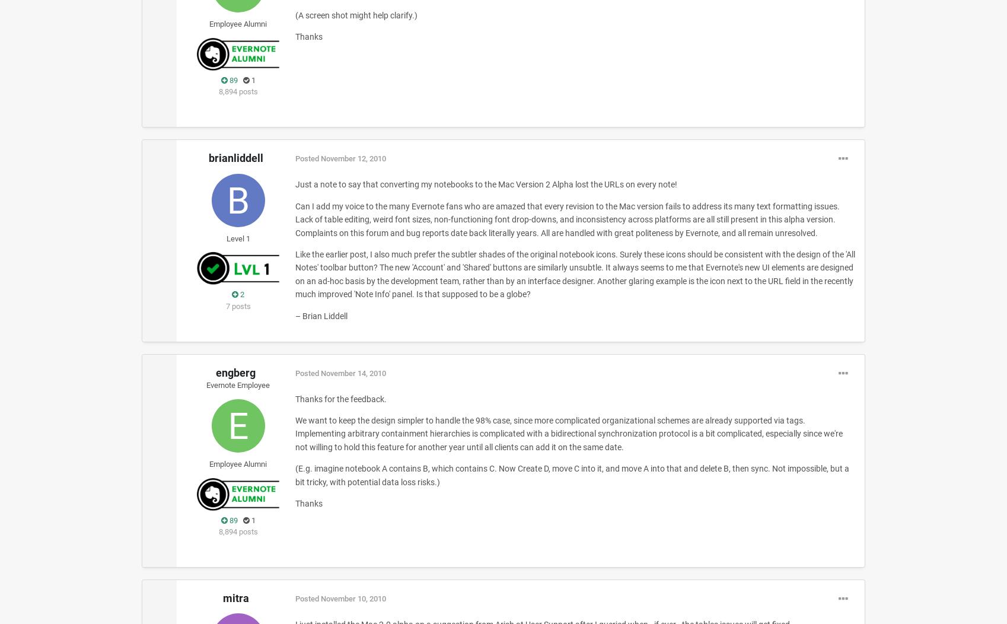  Describe the element at coordinates (235, 158) in the screenshot. I see `'brianliddell'` at that location.